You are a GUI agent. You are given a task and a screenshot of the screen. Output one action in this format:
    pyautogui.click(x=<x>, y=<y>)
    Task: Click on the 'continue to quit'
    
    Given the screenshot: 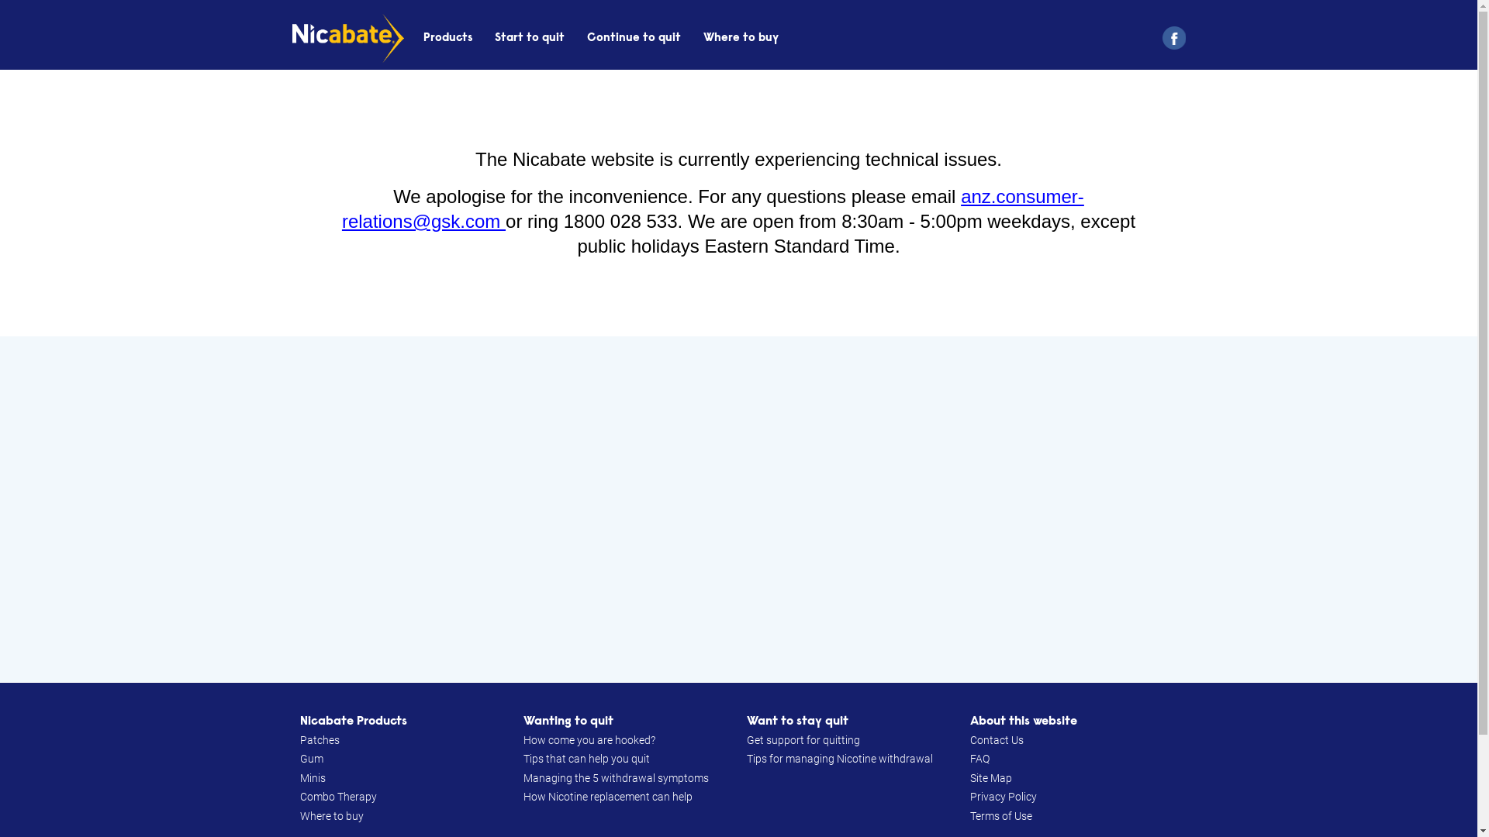 What is the action you would take?
    pyautogui.click(x=586, y=37)
    